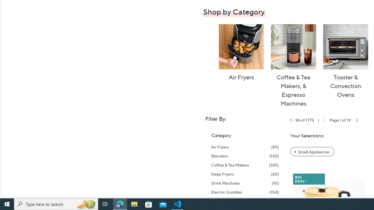 The width and height of the screenshot is (374, 210). I want to click on 'Remove Filter: Small Appliances', so click(312, 151).